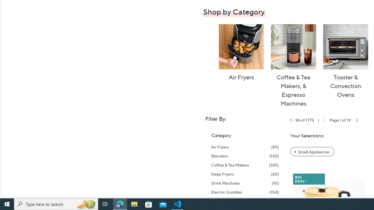 The width and height of the screenshot is (374, 210). I want to click on 'Remove Filter: Small Appliances', so click(312, 151).